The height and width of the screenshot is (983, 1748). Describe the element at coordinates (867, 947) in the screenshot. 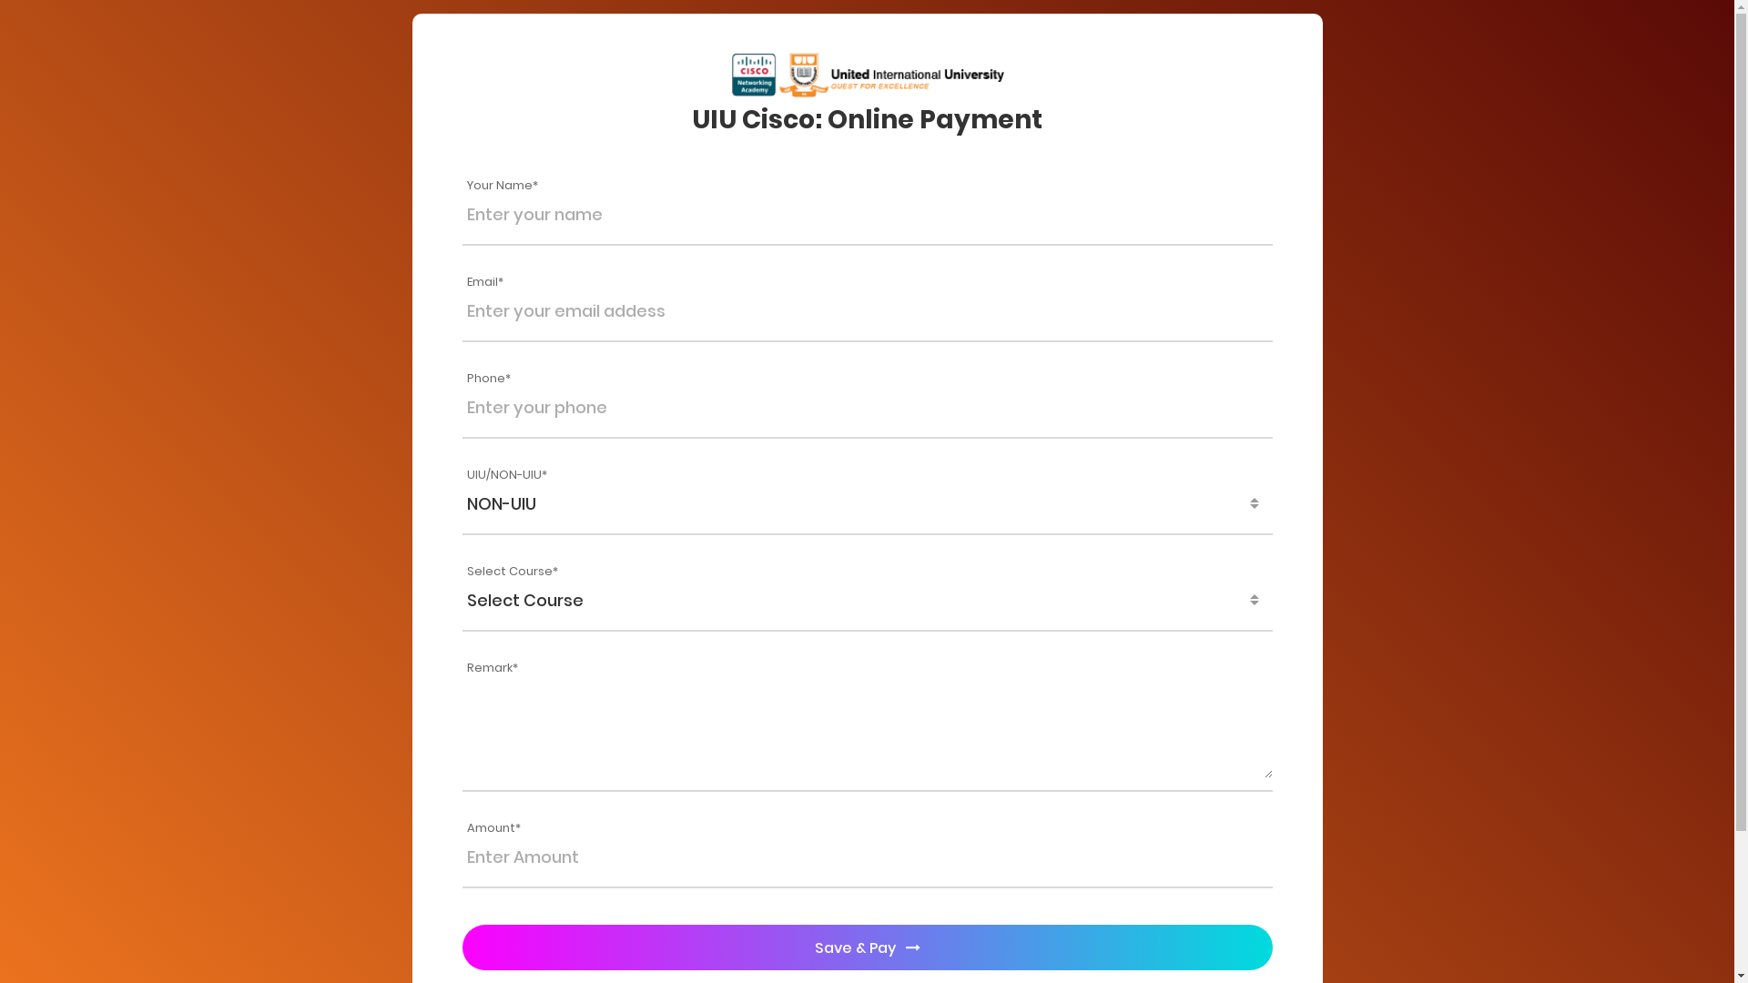

I see `'Save & Pay'` at that location.